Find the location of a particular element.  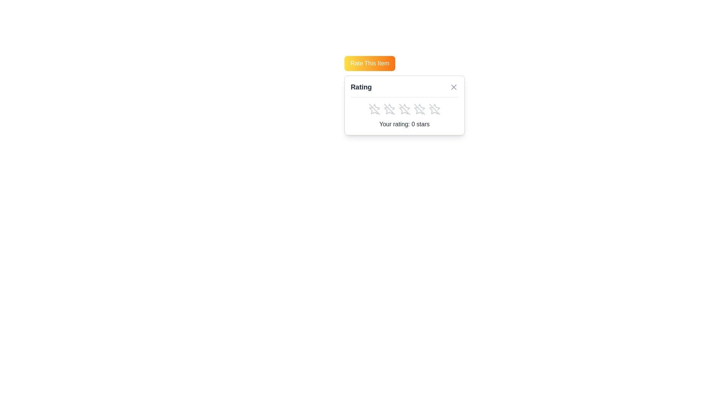

the second star in the outlined star icon within the rating component to rate it is located at coordinates (391, 107).